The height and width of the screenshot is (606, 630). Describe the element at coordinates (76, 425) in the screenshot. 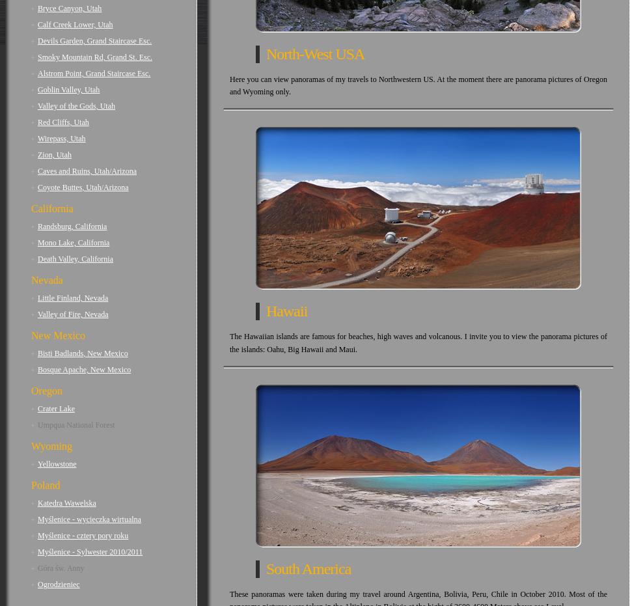

I see `'Umpqua National Forest'` at that location.